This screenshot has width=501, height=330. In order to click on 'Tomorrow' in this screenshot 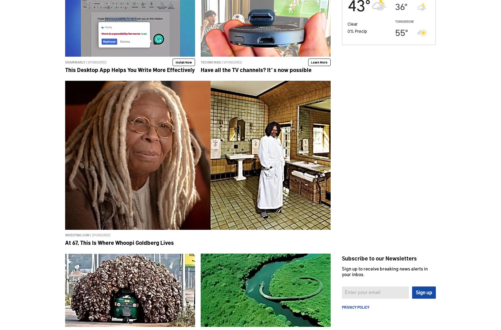, I will do `click(404, 21)`.